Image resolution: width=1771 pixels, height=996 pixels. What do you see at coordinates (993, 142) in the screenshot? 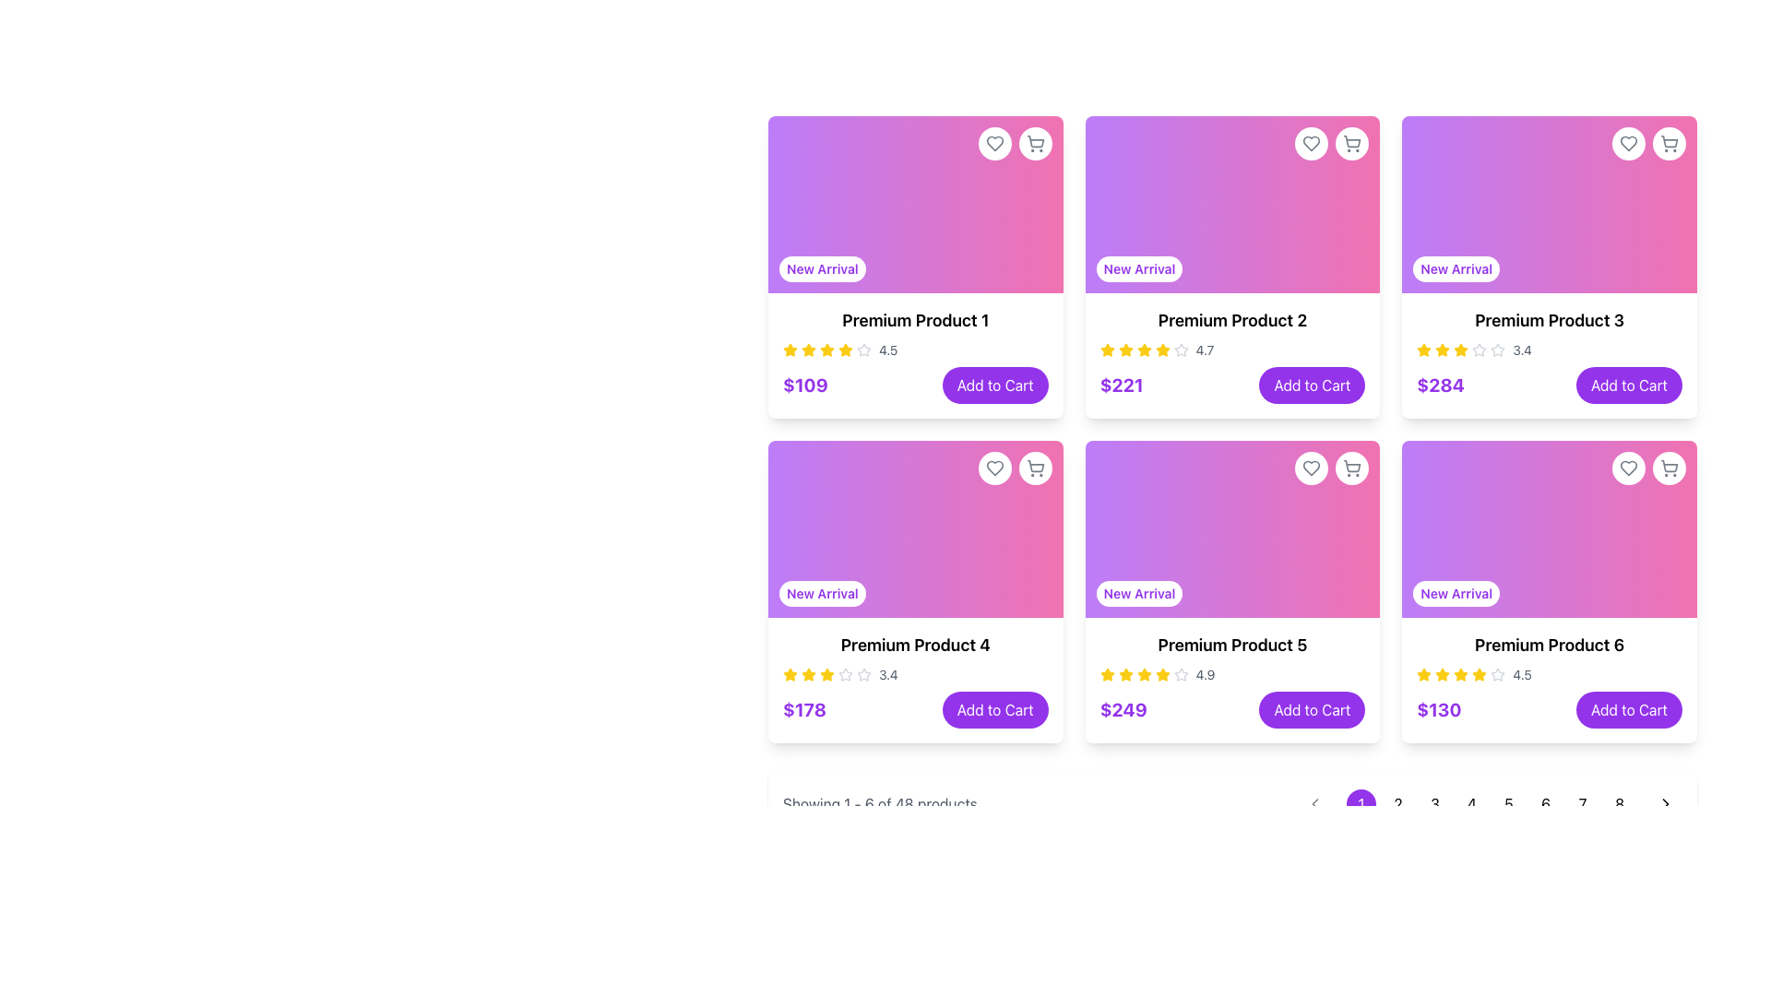
I see `the heart-shaped gray icon in the top-right corner of the 'Premium Product 1' card` at bounding box center [993, 142].